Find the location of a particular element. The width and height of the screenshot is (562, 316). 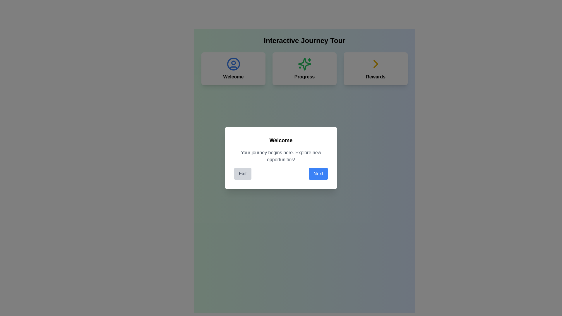

the navigation button located to the right of the gray 'Exit' button at the bottom of the modal dialog to proceed to the next step is located at coordinates (318, 174).